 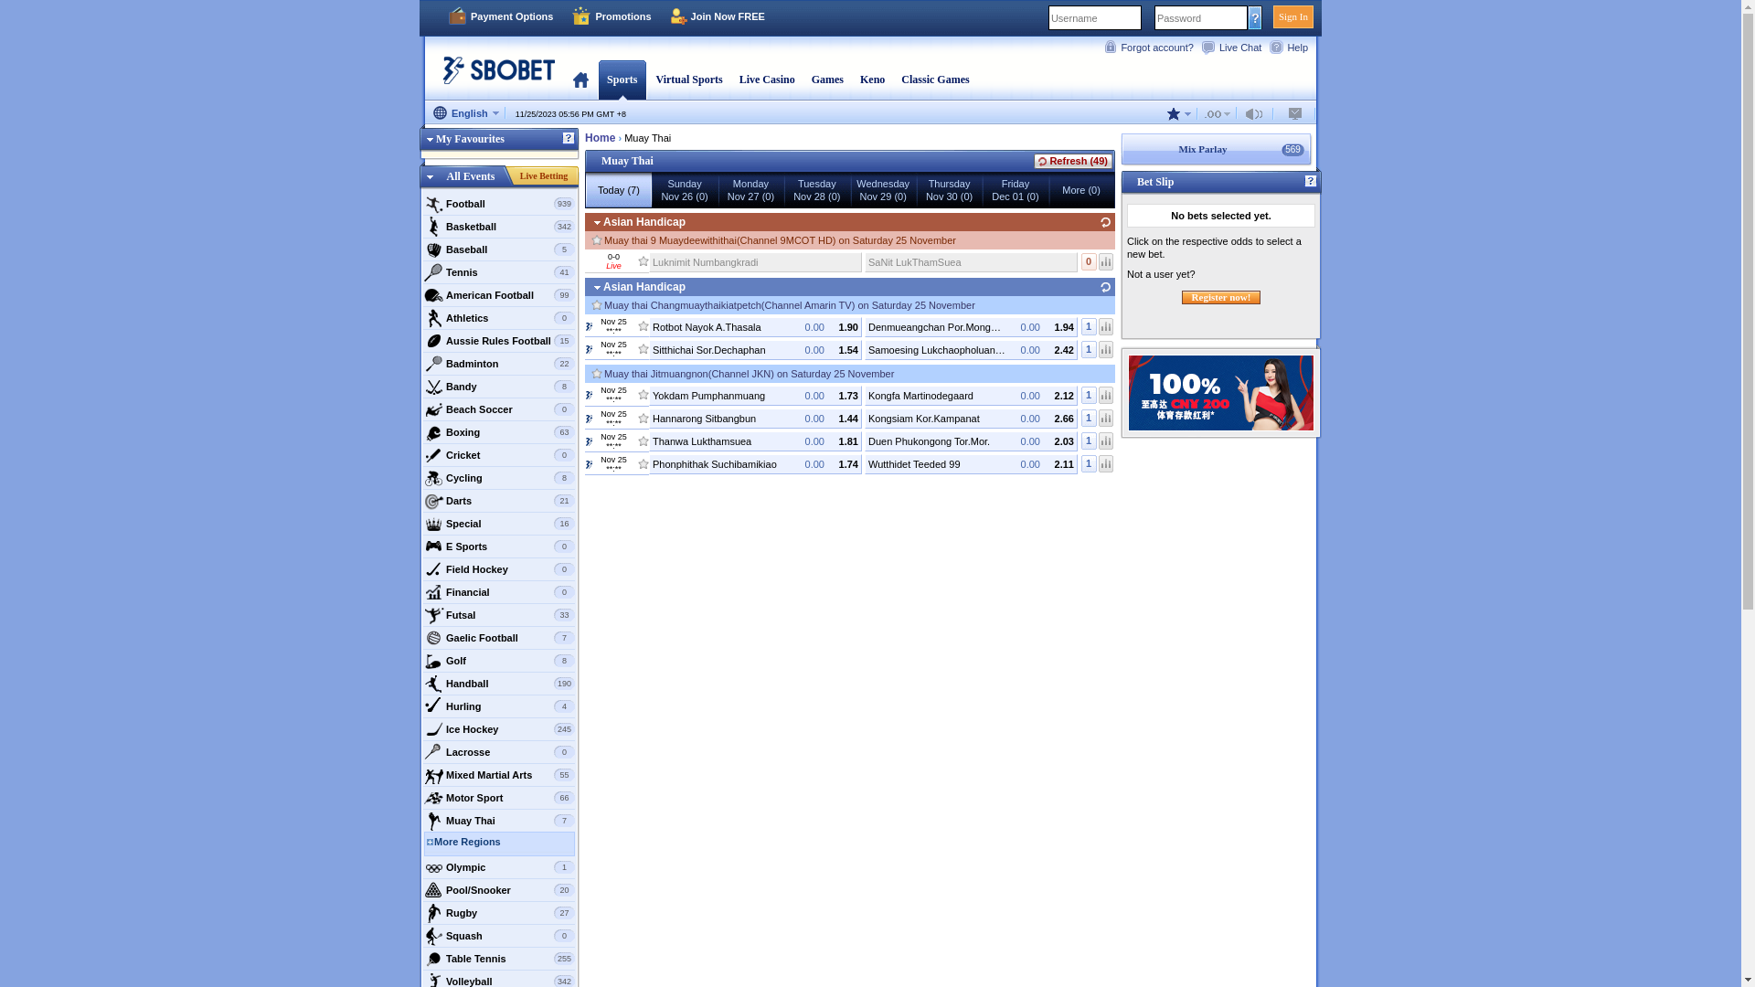 I want to click on 'Futsal, so click(x=499, y=614).